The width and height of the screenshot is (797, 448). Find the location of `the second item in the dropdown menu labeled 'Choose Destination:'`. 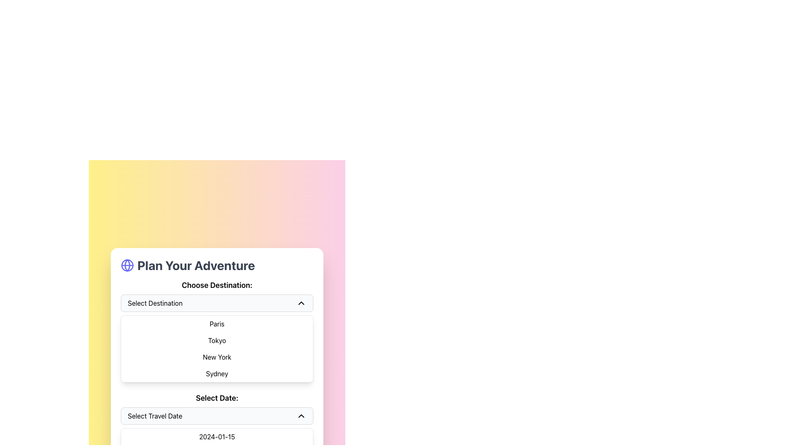

the second item in the dropdown menu labeled 'Choose Destination:' is located at coordinates (217, 341).